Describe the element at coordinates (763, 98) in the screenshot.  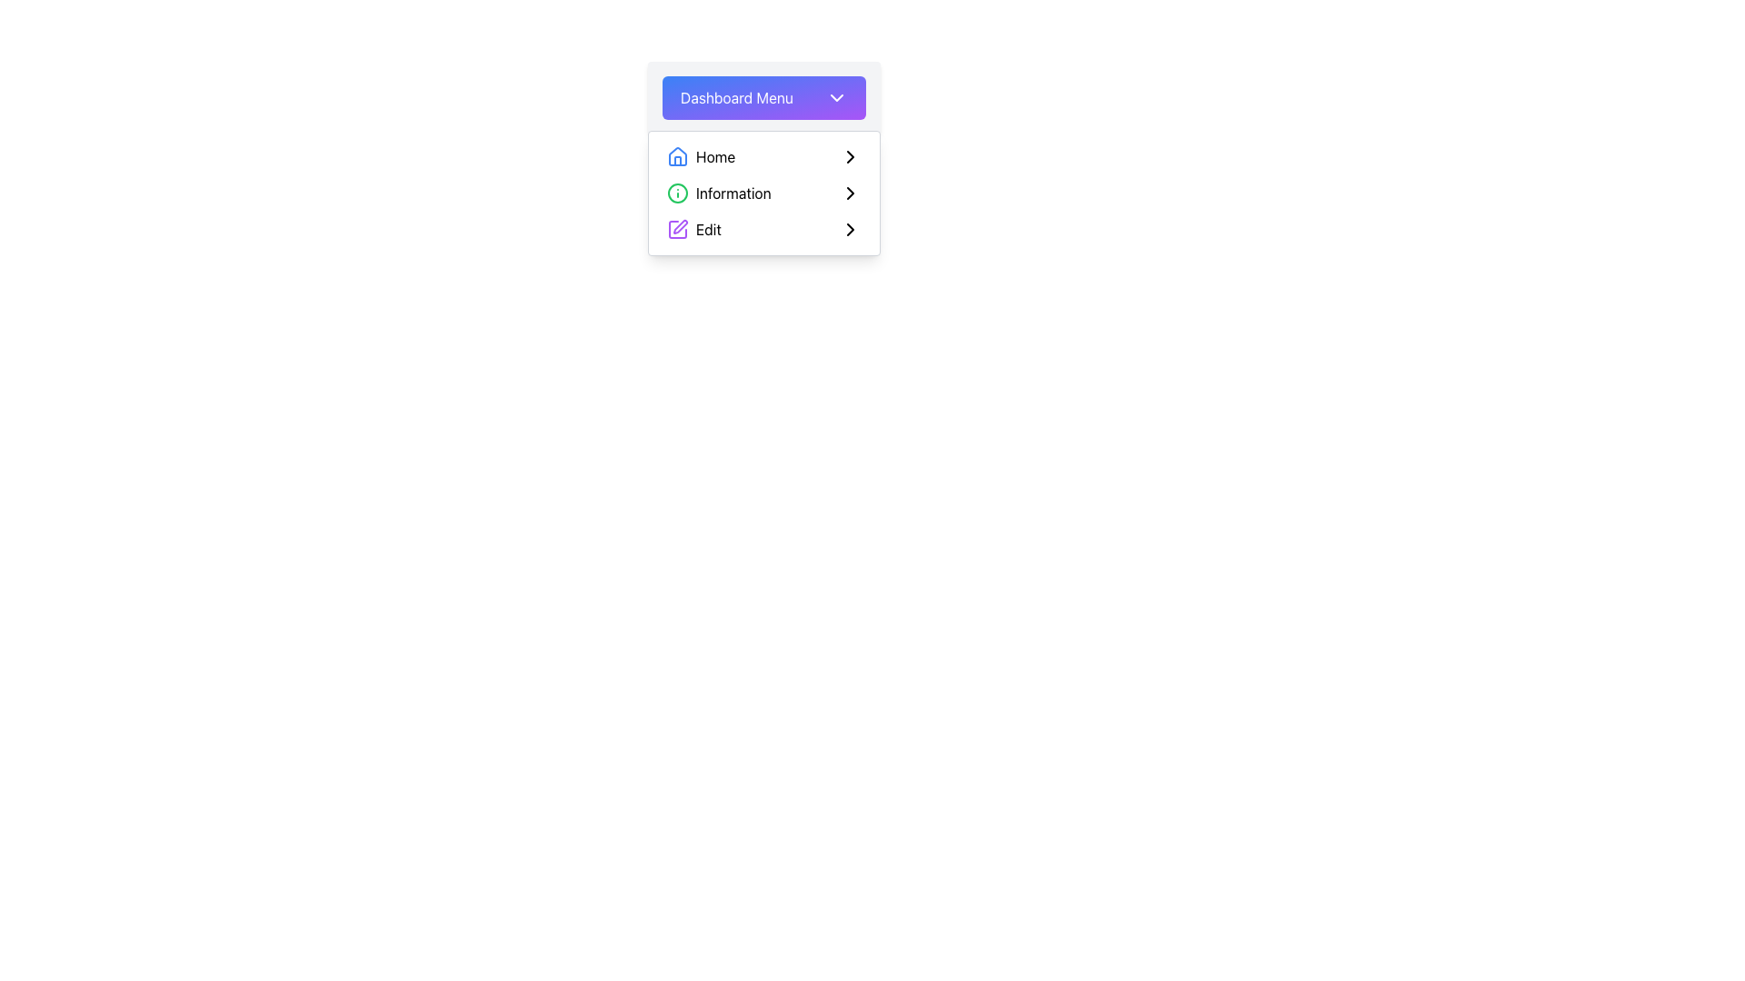
I see `the 'Dashboard Menu' button, which is a rectangular button with rounded edges and a gradient blue-to-purple background` at that location.